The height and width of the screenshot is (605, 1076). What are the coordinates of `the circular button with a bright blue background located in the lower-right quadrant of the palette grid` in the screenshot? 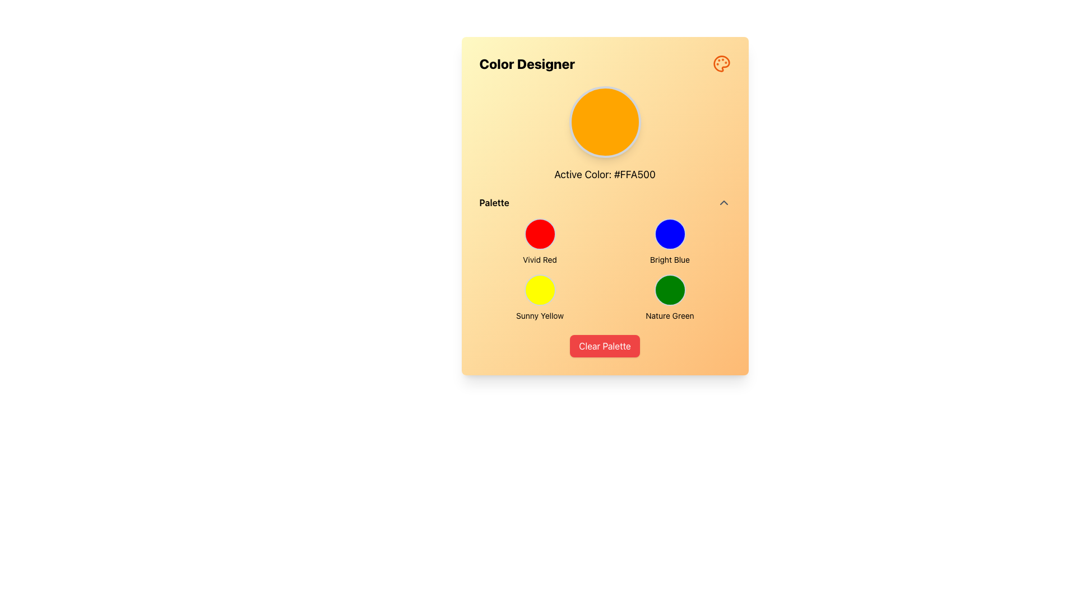 It's located at (670, 233).